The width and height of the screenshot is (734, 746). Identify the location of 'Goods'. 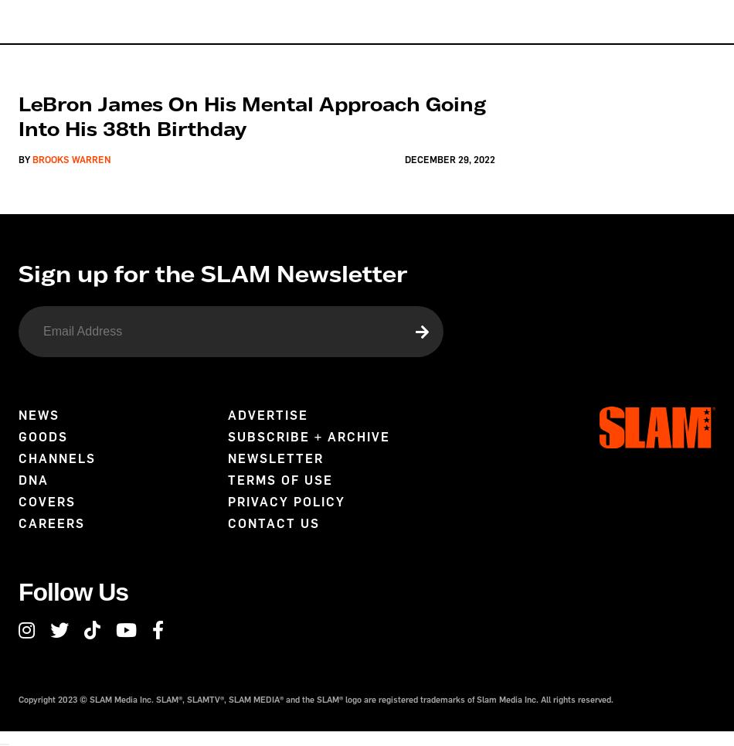
(42, 436).